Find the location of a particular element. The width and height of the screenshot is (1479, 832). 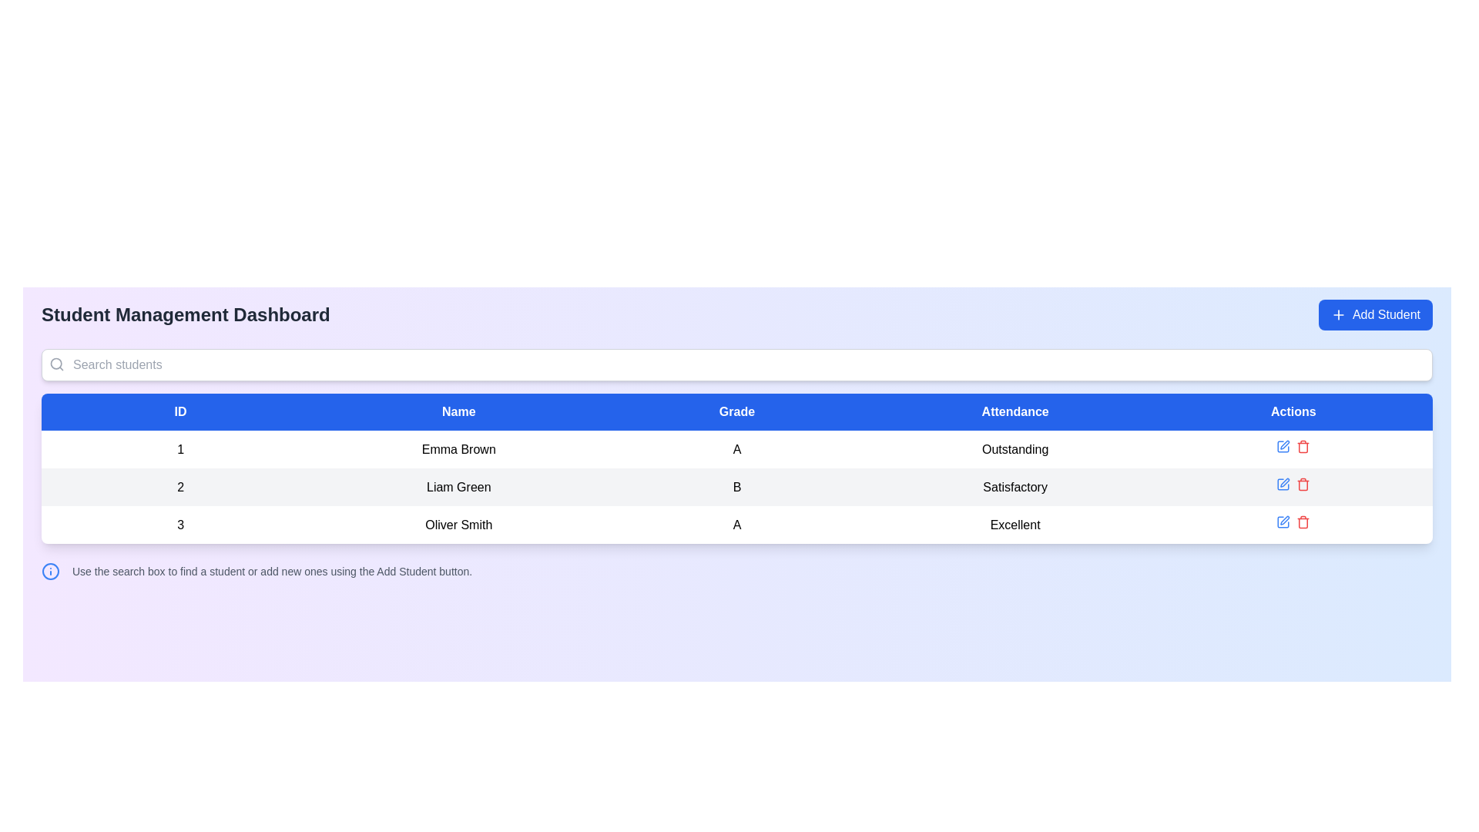

the circular icon with a blue outline located at the bottom-left of the main page content, adjacent to the descriptive text is located at coordinates (51, 571).